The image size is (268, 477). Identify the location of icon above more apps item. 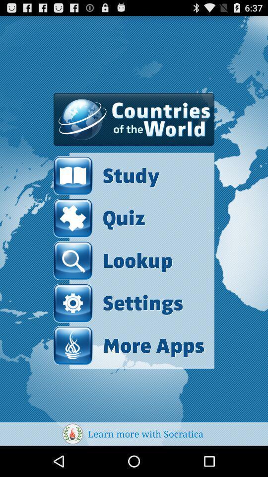
(118, 303).